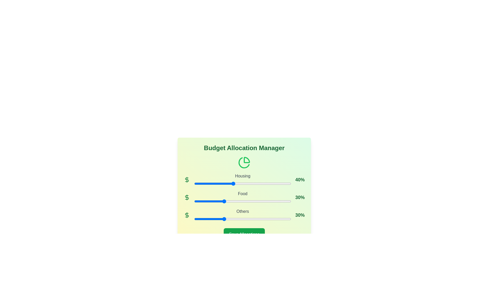 The height and width of the screenshot is (281, 500). What do you see at coordinates (217, 183) in the screenshot?
I see `the Housing allocation slider to 24%` at bounding box center [217, 183].